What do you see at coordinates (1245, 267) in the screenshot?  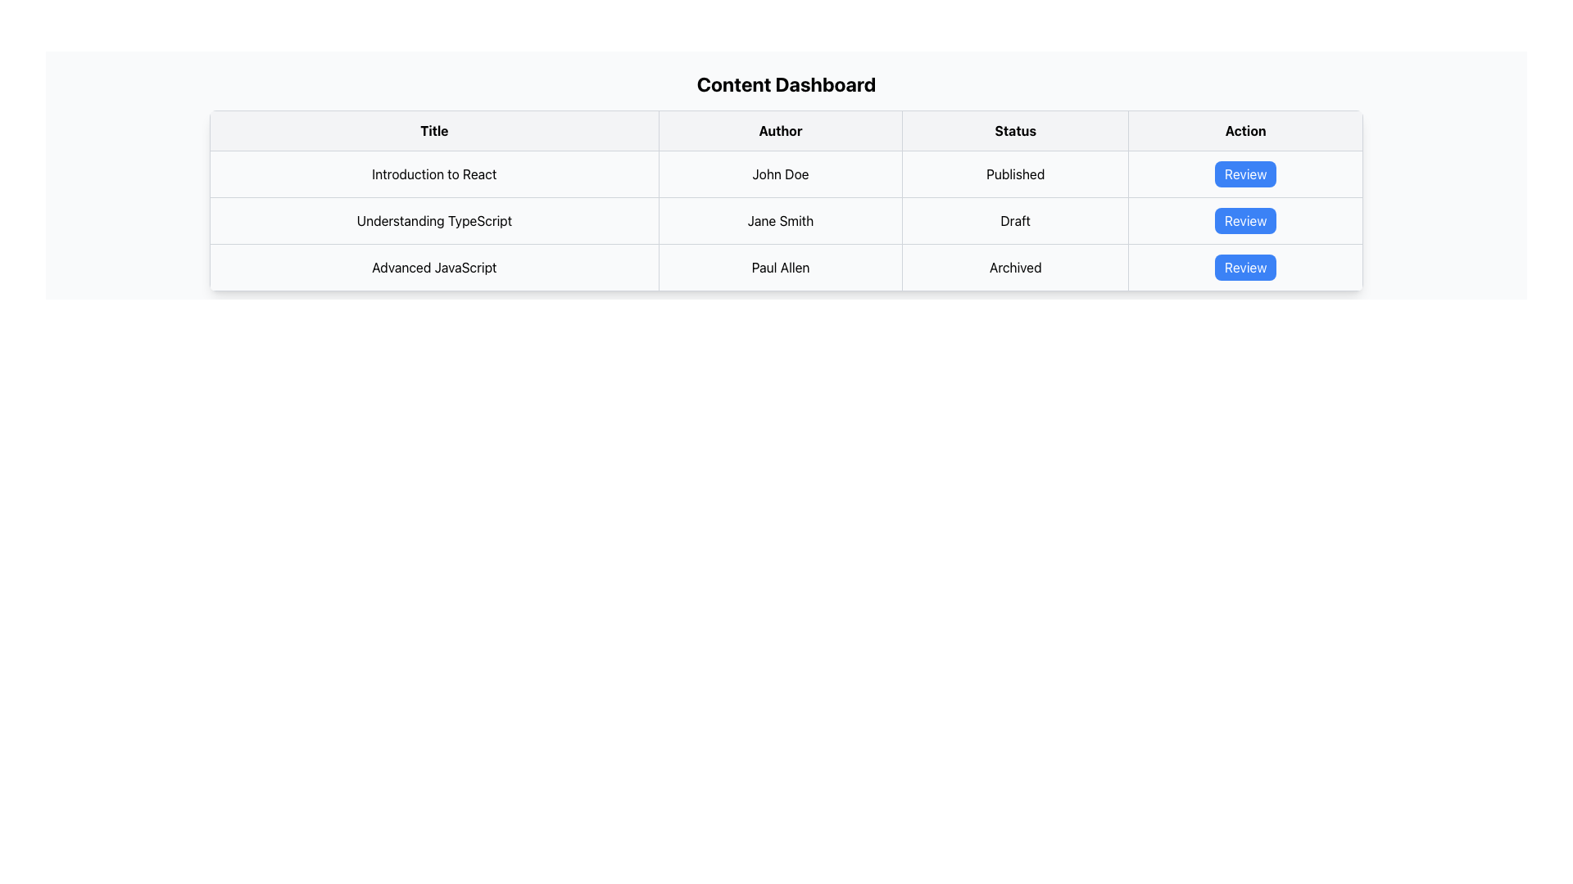 I see `the third 'Review' button located in the 'Action' column of the 'Advanced JavaScript' row in the 'Content Dashboard' table` at bounding box center [1245, 267].